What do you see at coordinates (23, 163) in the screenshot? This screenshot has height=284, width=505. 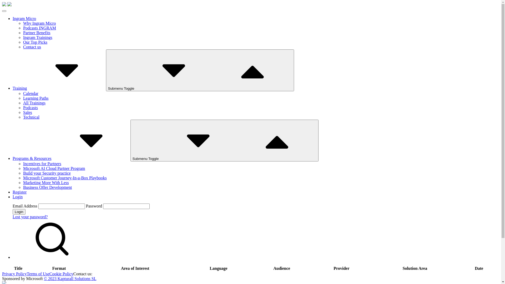 I see `'Incentives for Partners'` at bounding box center [23, 163].